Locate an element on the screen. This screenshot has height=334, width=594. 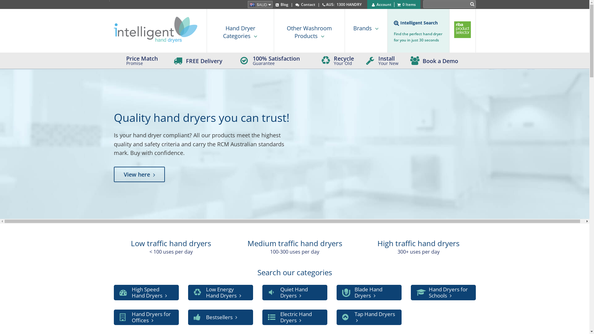
'Quiet Hand Dryers' is located at coordinates (295, 292).